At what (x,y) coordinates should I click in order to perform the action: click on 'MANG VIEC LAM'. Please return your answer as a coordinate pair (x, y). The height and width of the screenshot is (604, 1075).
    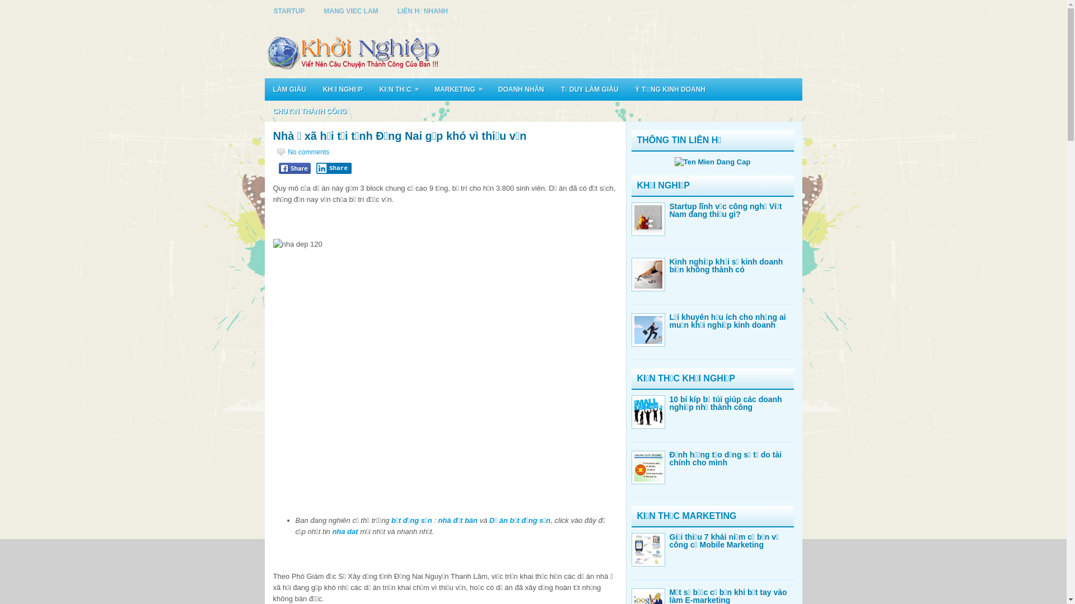
    Looking at the image, I should click on (350, 11).